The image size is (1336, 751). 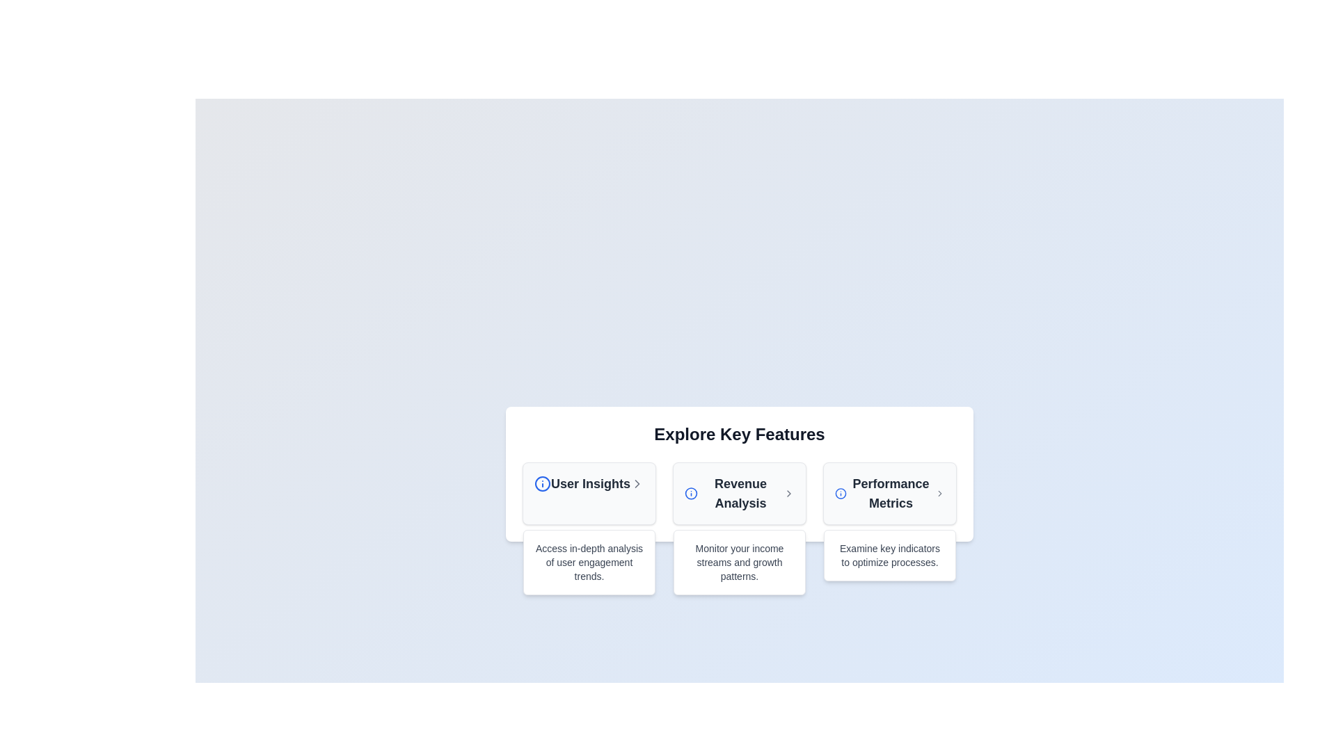 What do you see at coordinates (738, 474) in the screenshot?
I see `the 'Revenue Analysis' navigation card, which is the second card in a row of three, located under the heading 'Explore Key Features'` at bounding box center [738, 474].